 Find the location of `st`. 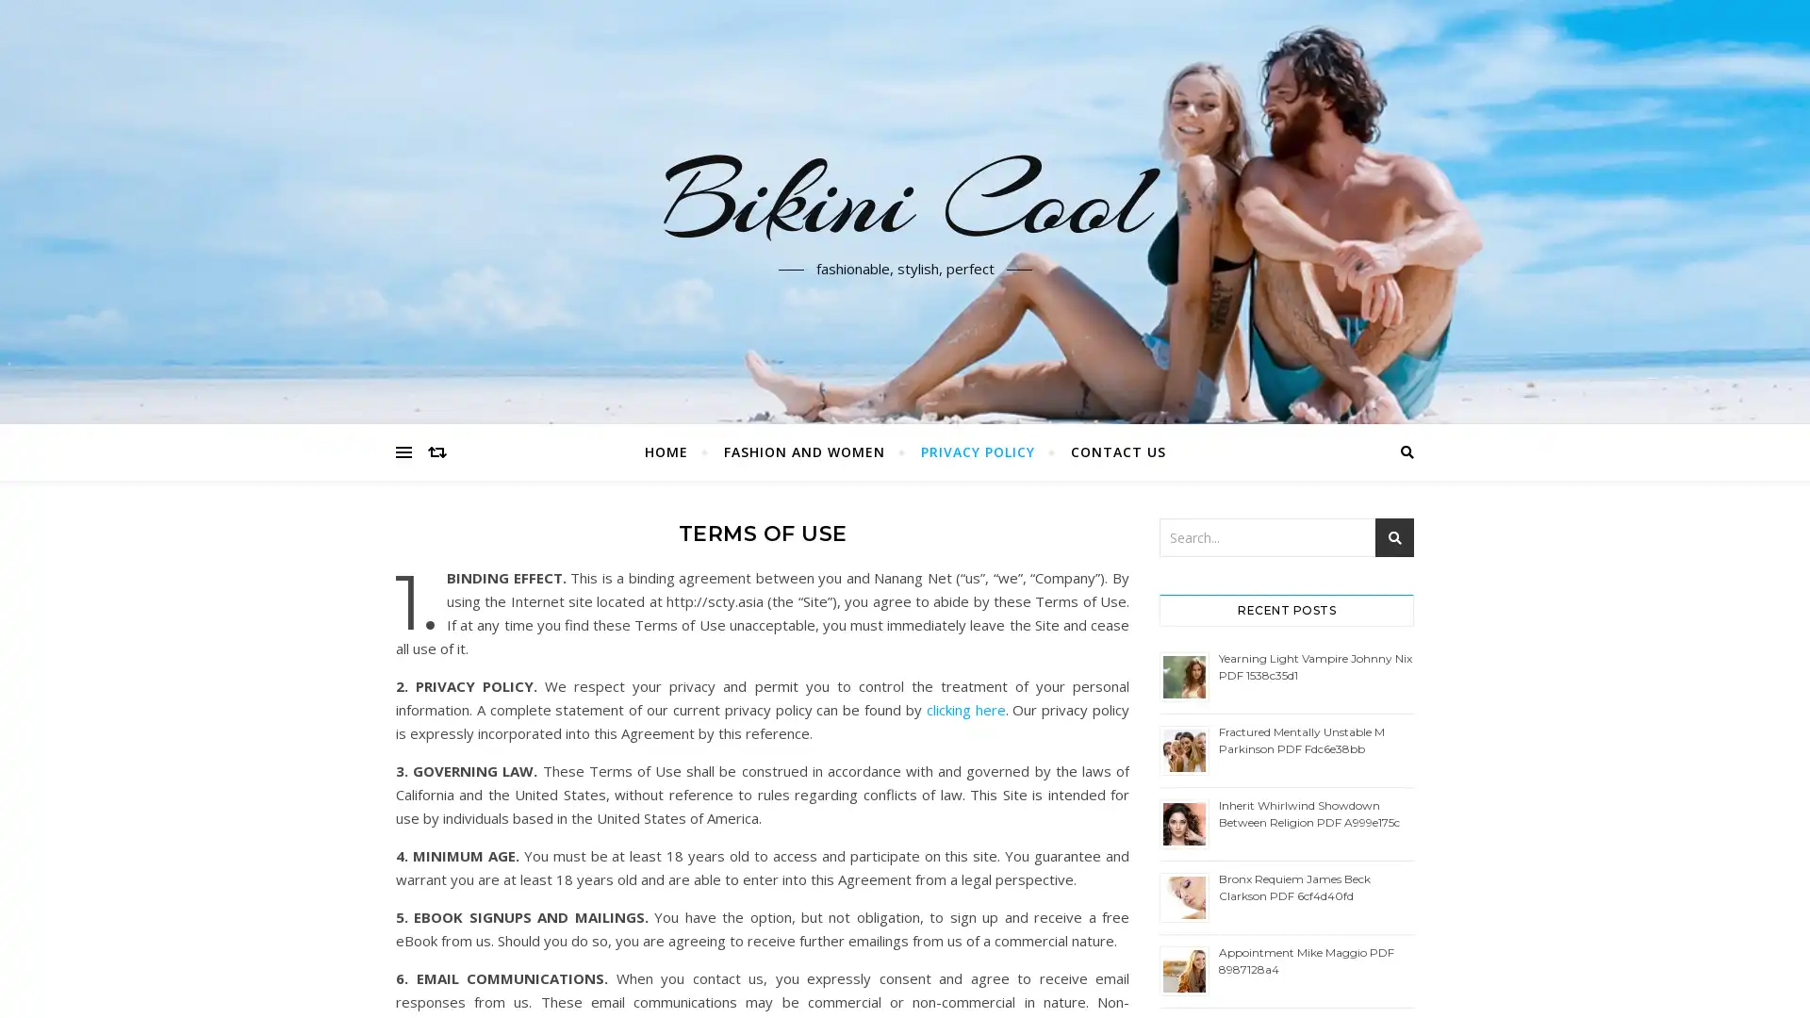

st is located at coordinates (1394, 537).